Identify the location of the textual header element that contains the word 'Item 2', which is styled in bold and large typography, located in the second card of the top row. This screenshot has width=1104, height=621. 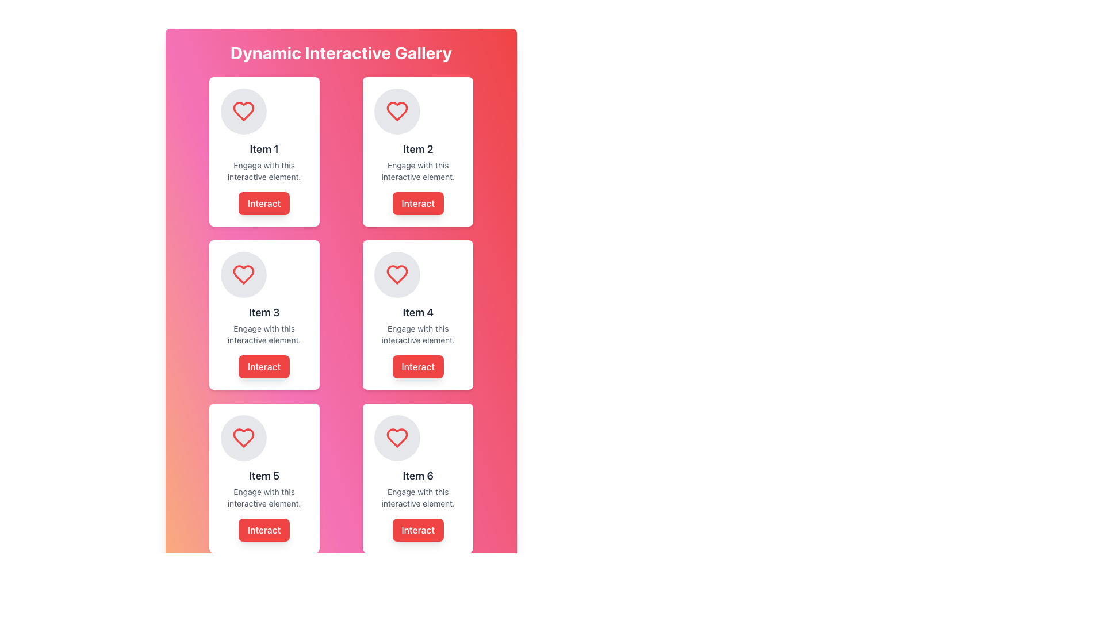
(417, 148).